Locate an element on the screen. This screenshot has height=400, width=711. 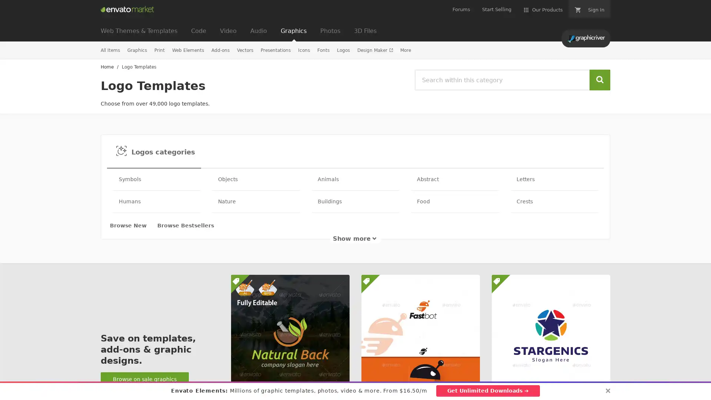
Add to Favorites is located at coordinates (339, 383).